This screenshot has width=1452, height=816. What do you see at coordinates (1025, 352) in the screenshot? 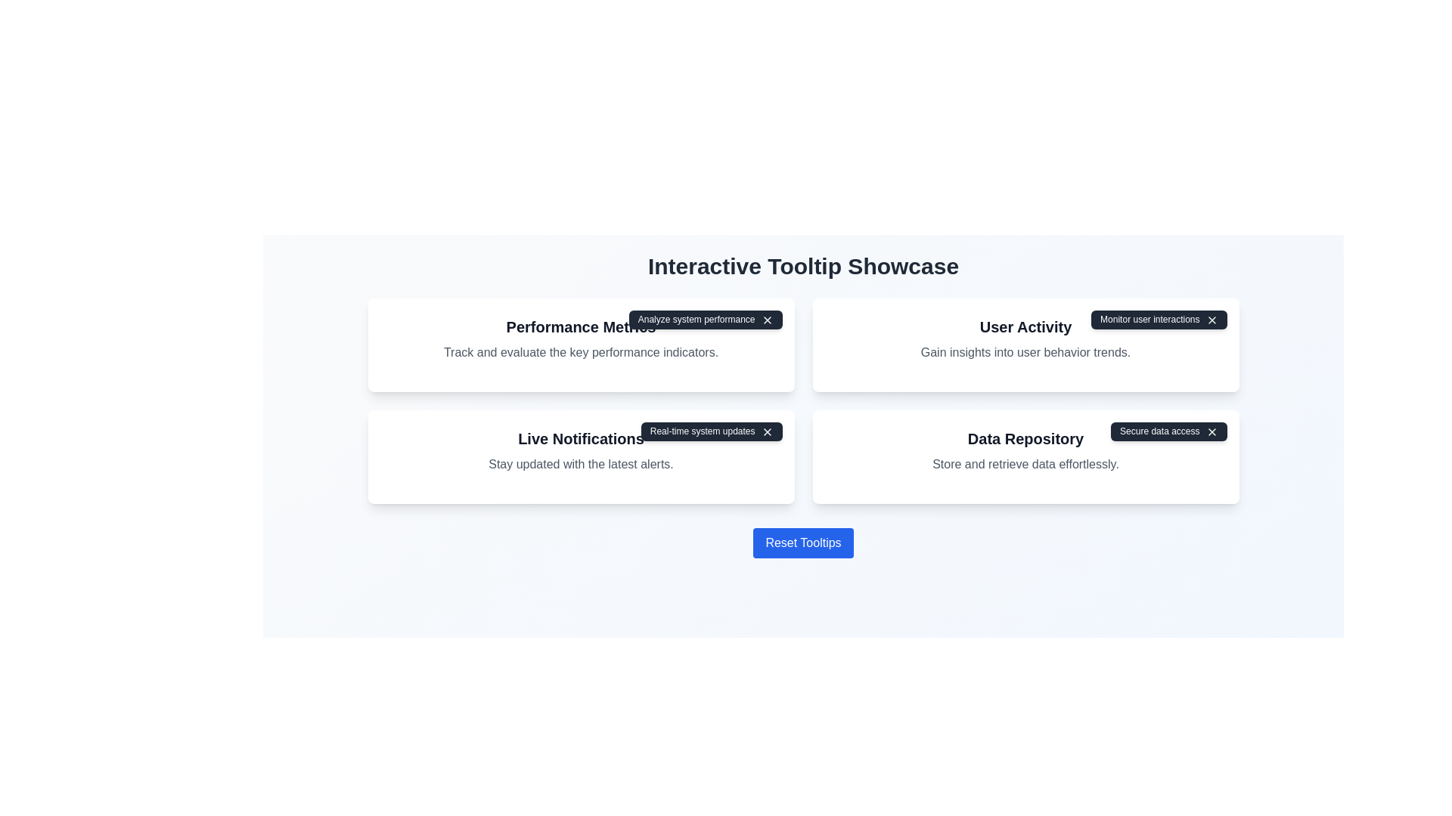
I see `the informational text block located beneath the 'User Activity' header in the 'User Activity' card` at bounding box center [1025, 352].